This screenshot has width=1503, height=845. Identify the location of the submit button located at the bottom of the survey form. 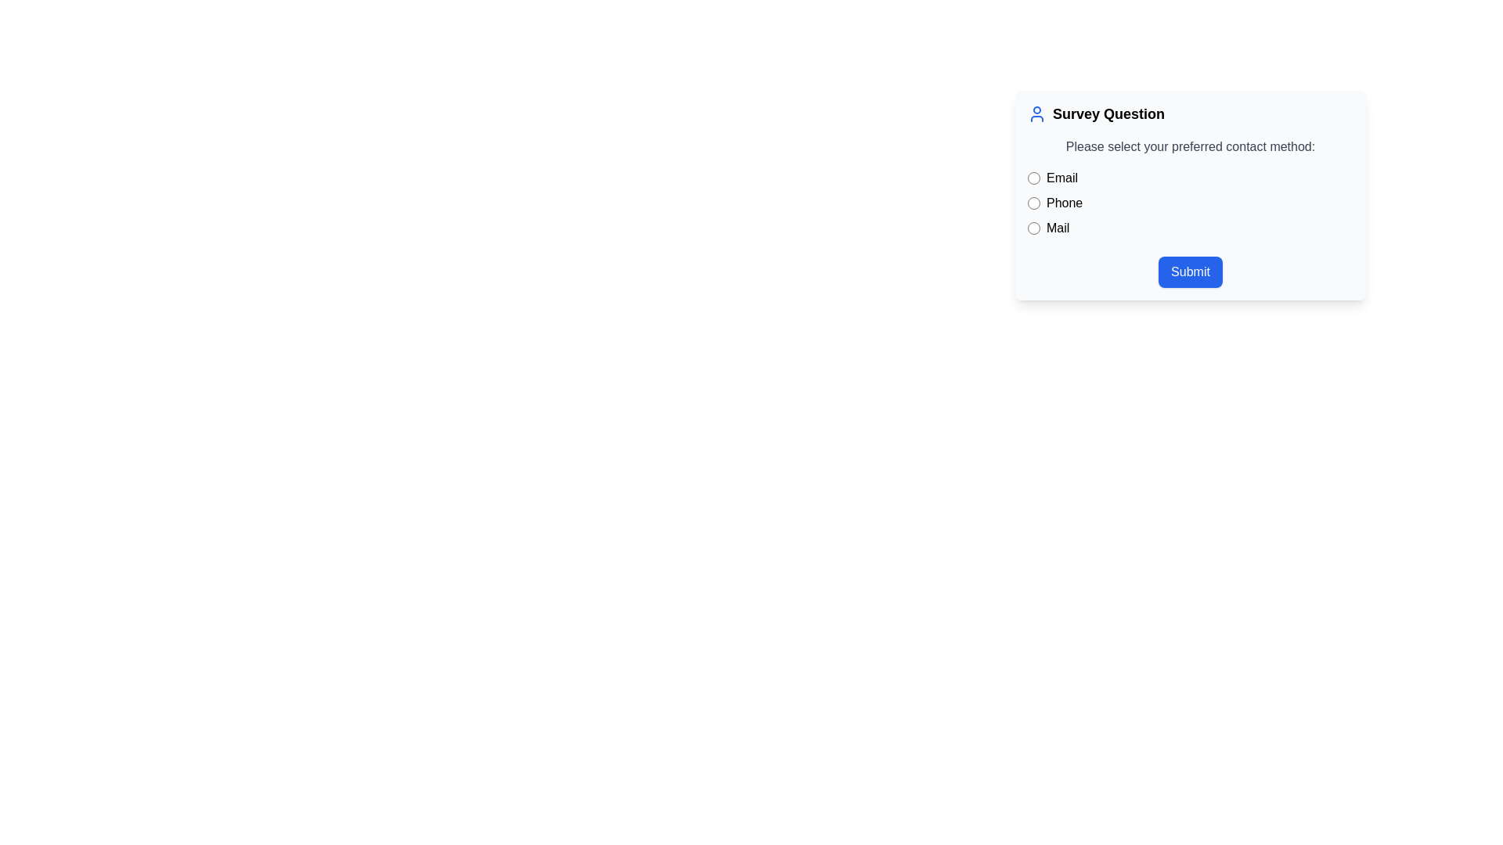
(1190, 271).